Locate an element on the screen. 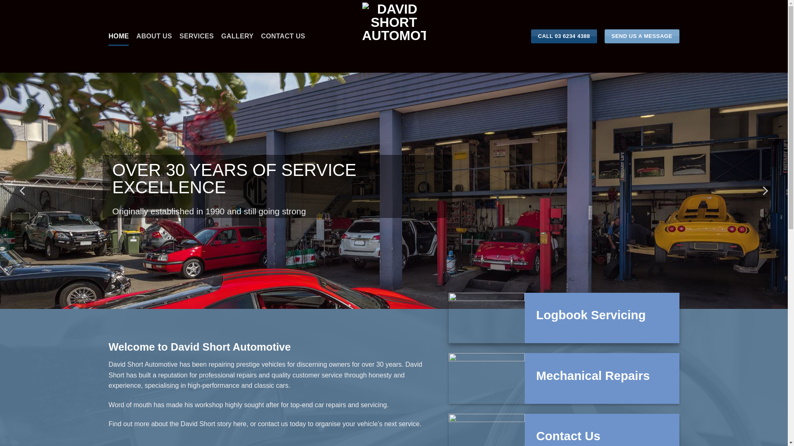 This screenshot has height=446, width=794. 'SERVICES' is located at coordinates (196, 36).